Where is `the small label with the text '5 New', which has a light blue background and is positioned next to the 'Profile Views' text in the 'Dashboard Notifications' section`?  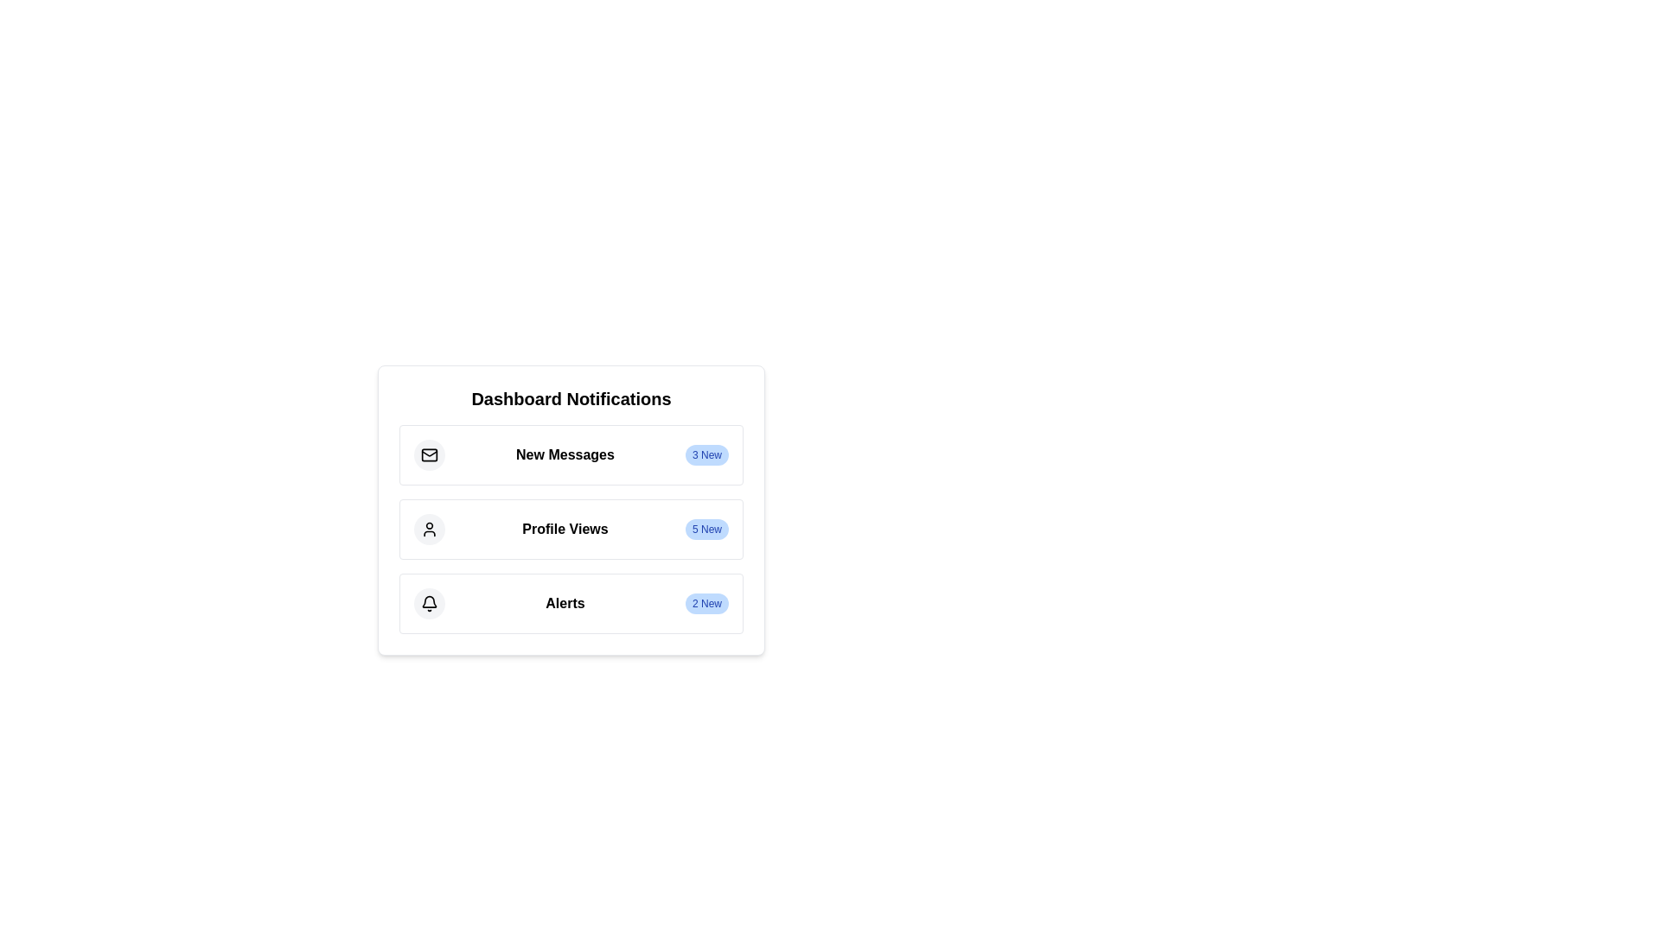
the small label with the text '5 New', which has a light blue background and is positioned next to the 'Profile Views' text in the 'Dashboard Notifications' section is located at coordinates (706, 529).